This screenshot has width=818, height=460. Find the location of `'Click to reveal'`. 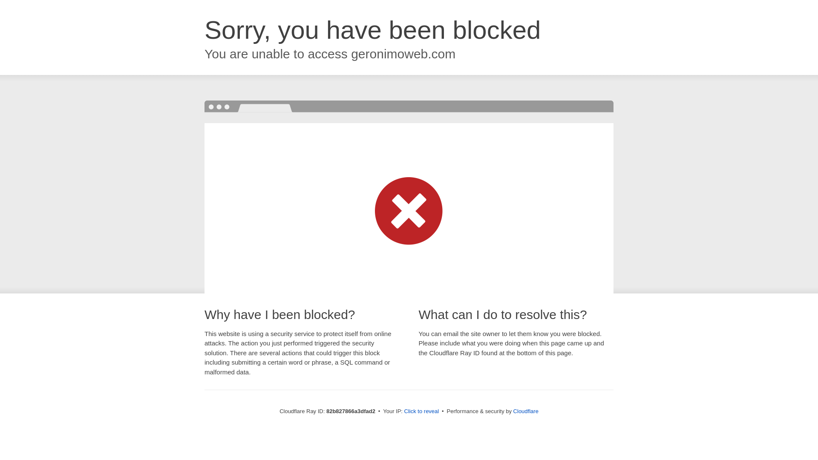

'Click to reveal' is located at coordinates (421, 411).